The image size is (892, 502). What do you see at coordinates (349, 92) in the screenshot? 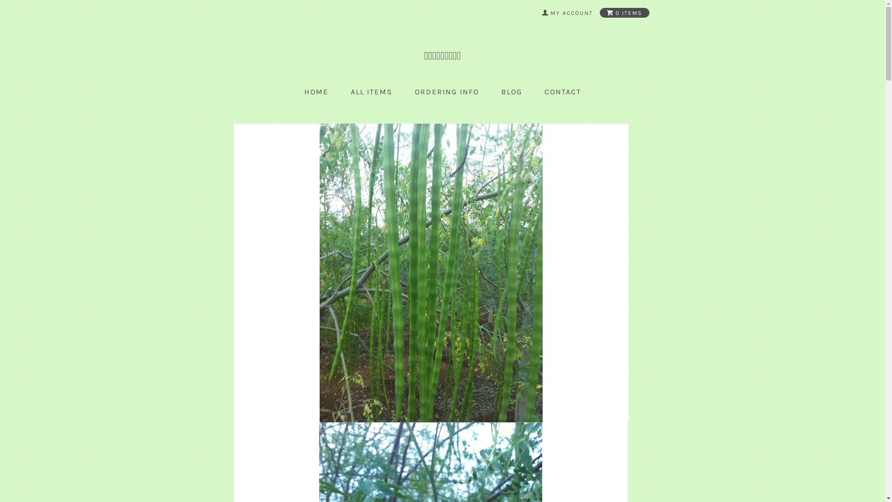
I see `'ALL ITEMS'` at bounding box center [349, 92].